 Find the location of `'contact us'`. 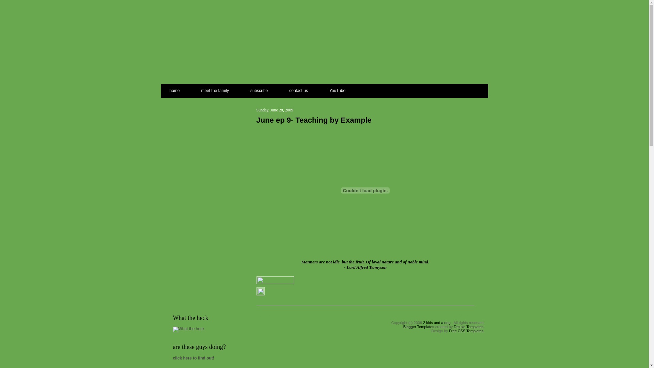

'contact us' is located at coordinates (298, 89).